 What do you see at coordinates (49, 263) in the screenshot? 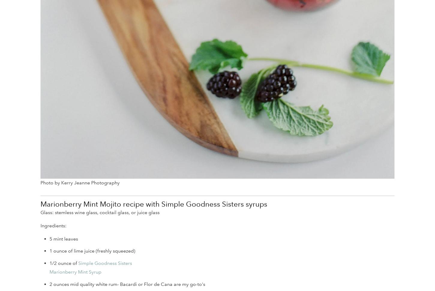
I see `'1/2 ounce of'` at bounding box center [49, 263].